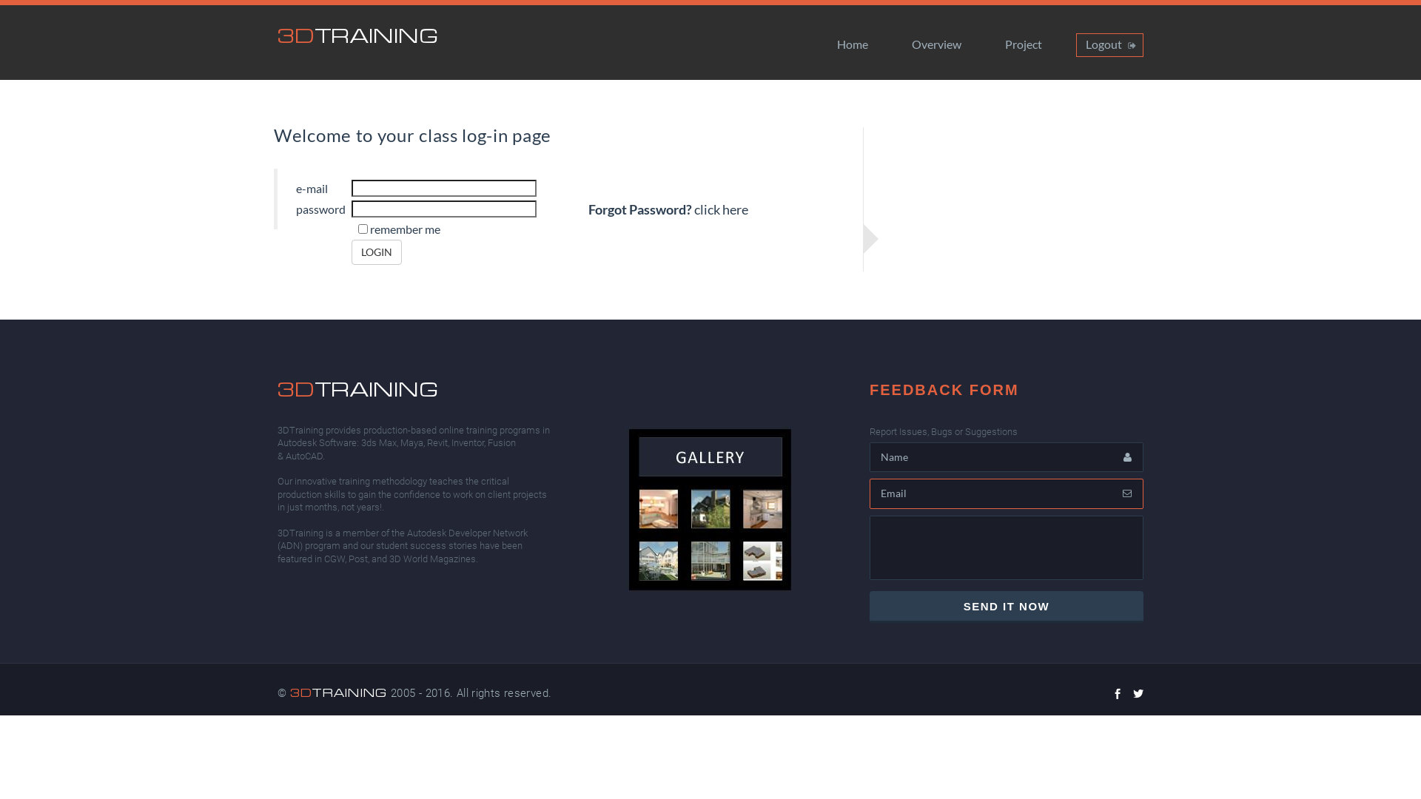 The height and width of the screenshot is (799, 1421). Describe the element at coordinates (1109, 44) in the screenshot. I see `'Logout'` at that location.